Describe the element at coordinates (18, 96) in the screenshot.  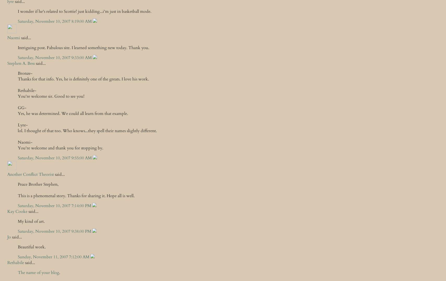
I see `'You're welcome sir.  Good to see you!'` at that location.